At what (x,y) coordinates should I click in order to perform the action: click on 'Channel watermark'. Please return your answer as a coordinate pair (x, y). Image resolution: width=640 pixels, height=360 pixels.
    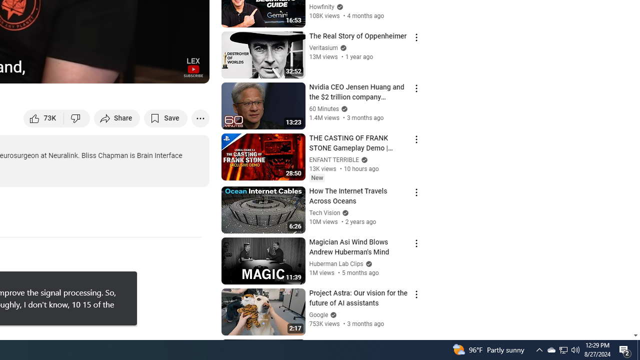
    Looking at the image, I should click on (193, 67).